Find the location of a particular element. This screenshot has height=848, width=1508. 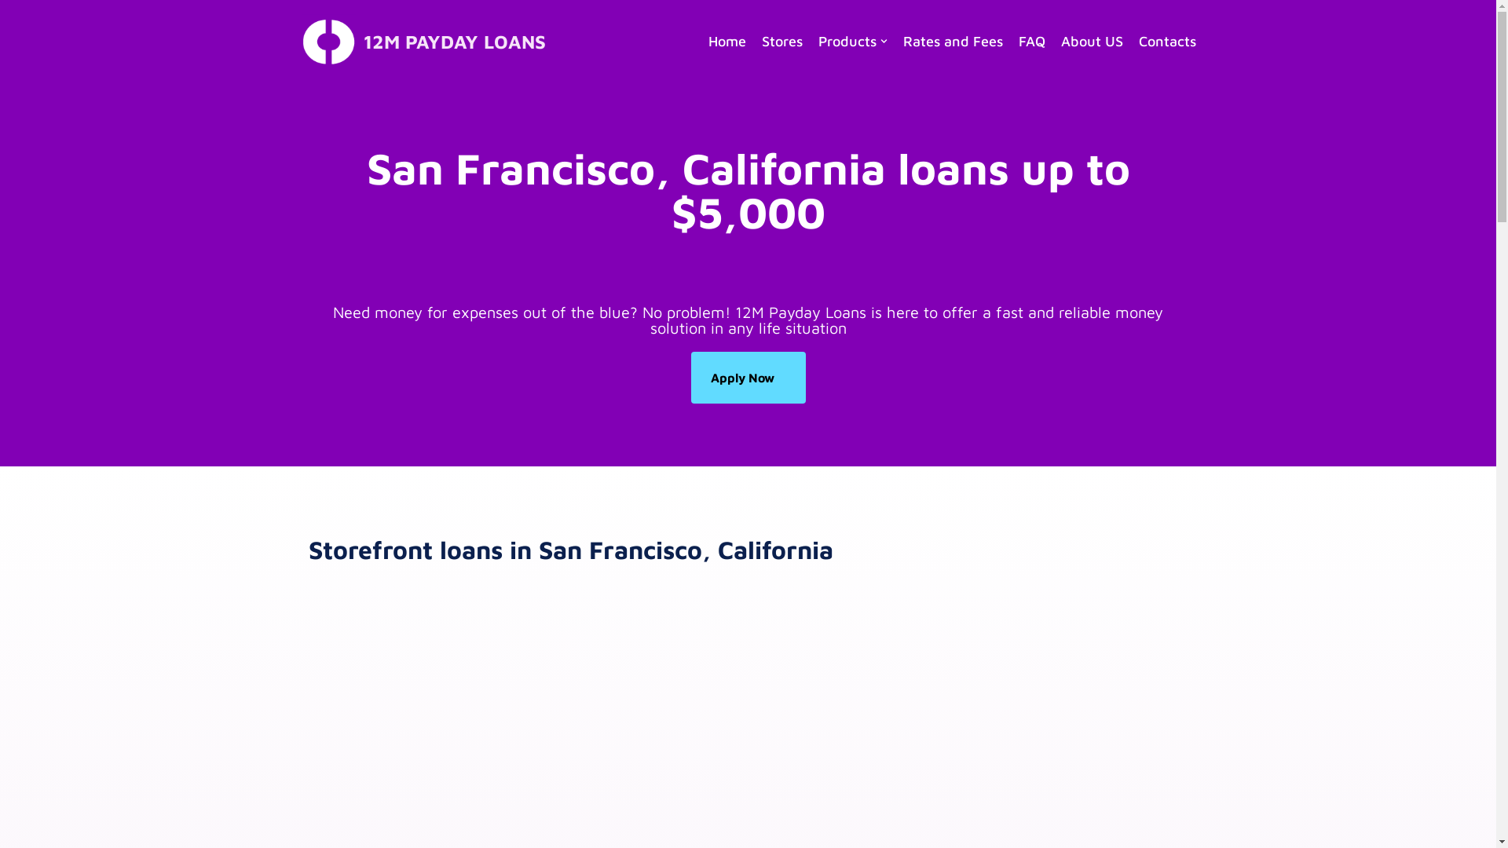

'Products' is located at coordinates (851, 41).